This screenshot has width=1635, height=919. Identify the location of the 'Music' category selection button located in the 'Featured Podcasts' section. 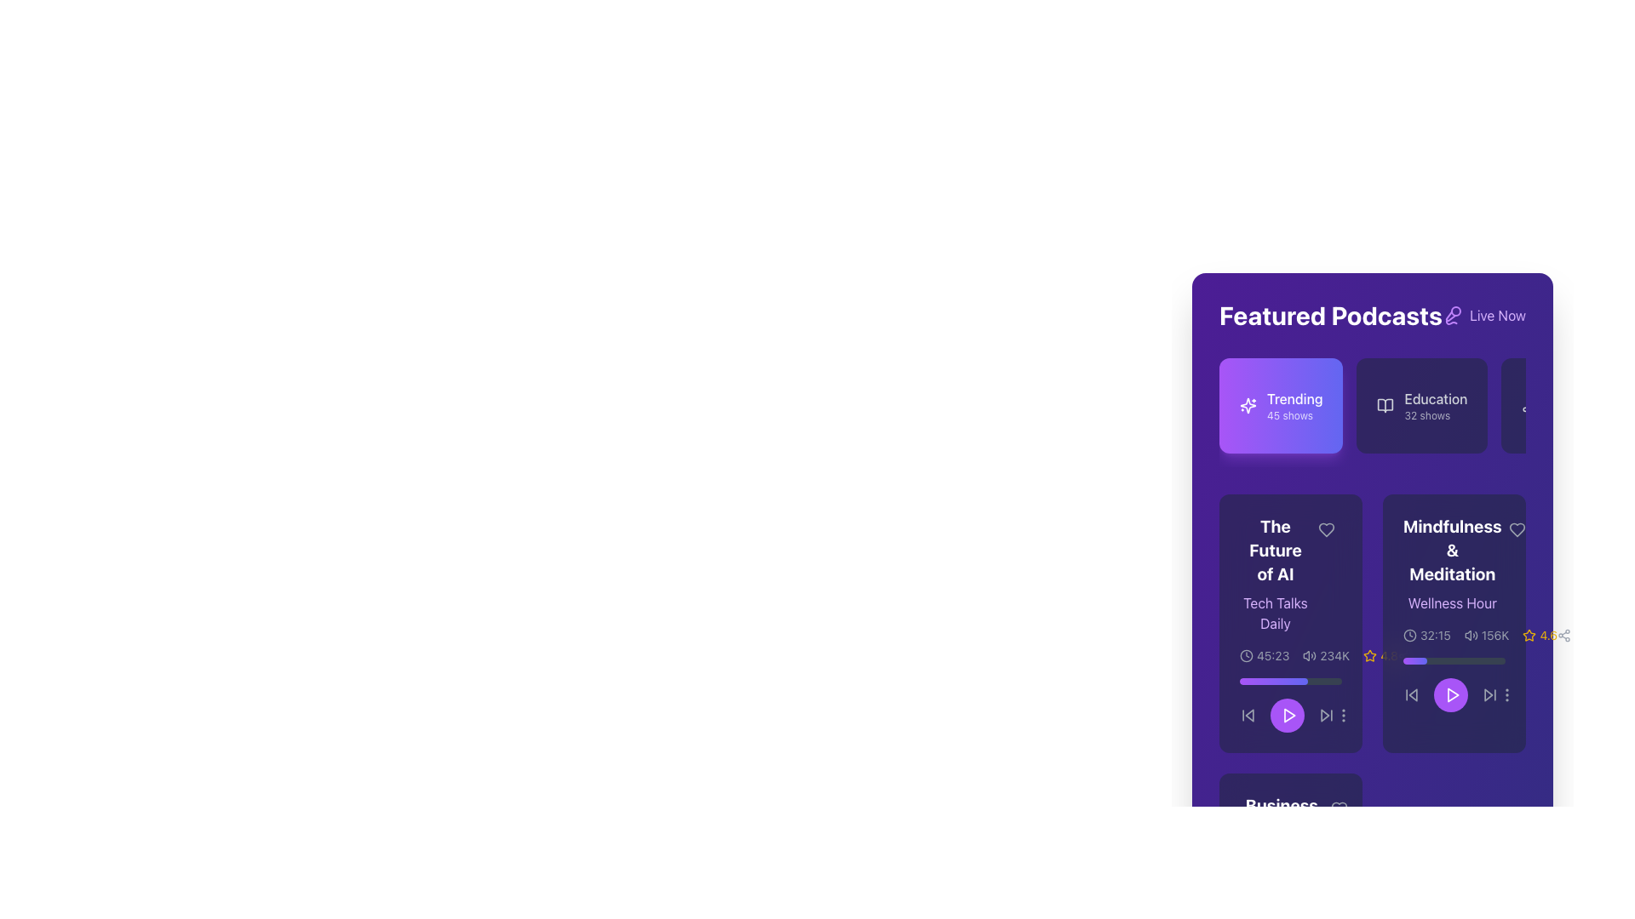
(1554, 406).